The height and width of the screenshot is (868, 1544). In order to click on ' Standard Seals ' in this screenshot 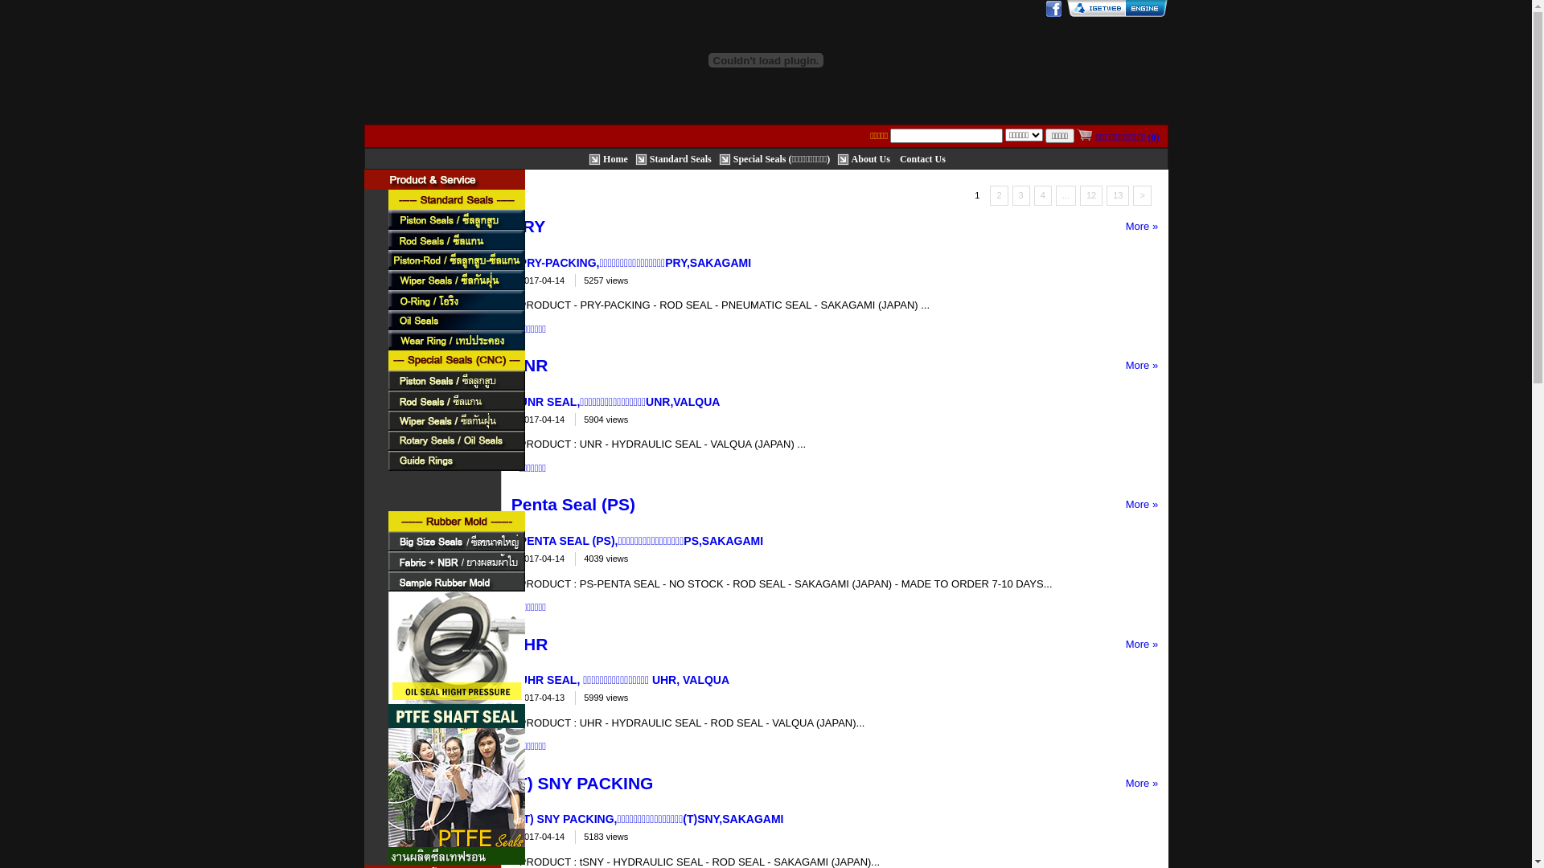, I will do `click(634, 158)`.